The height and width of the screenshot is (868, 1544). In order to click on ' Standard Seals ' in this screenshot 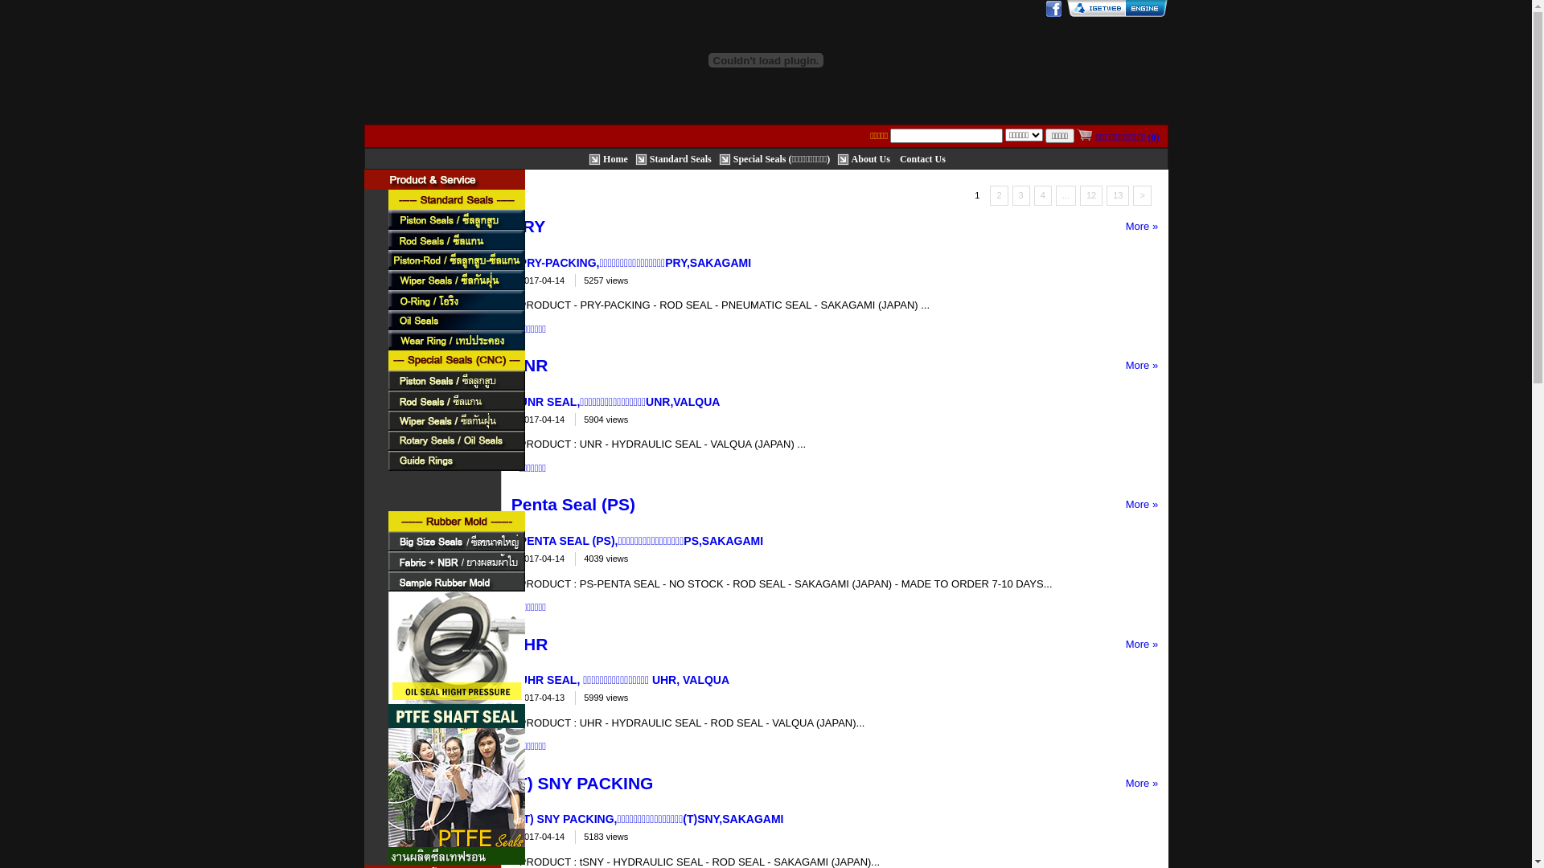, I will do `click(634, 158)`.